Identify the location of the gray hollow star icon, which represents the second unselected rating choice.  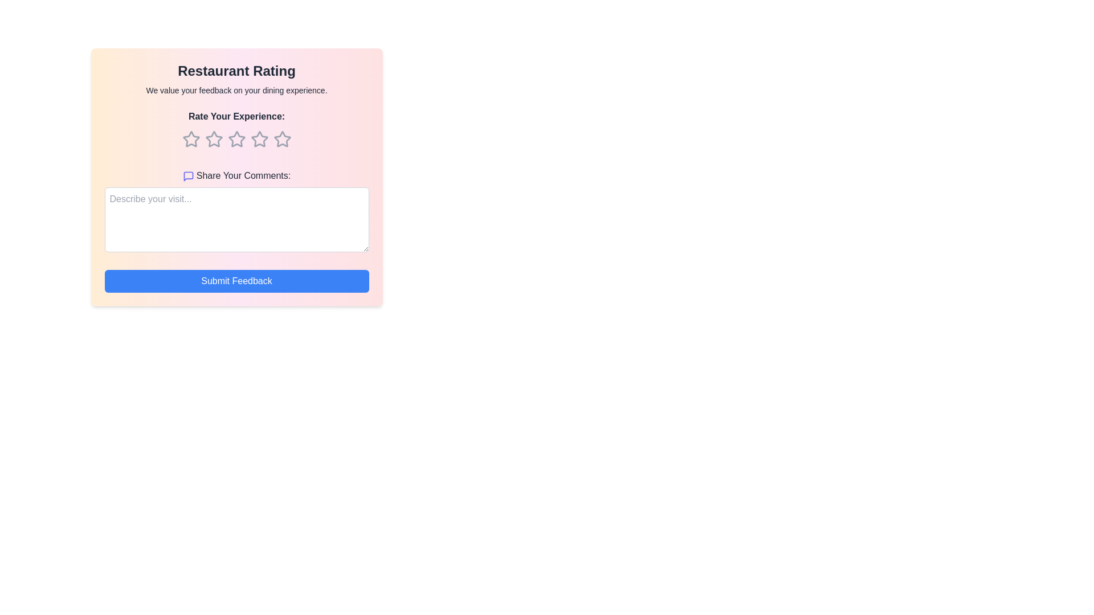
(214, 138).